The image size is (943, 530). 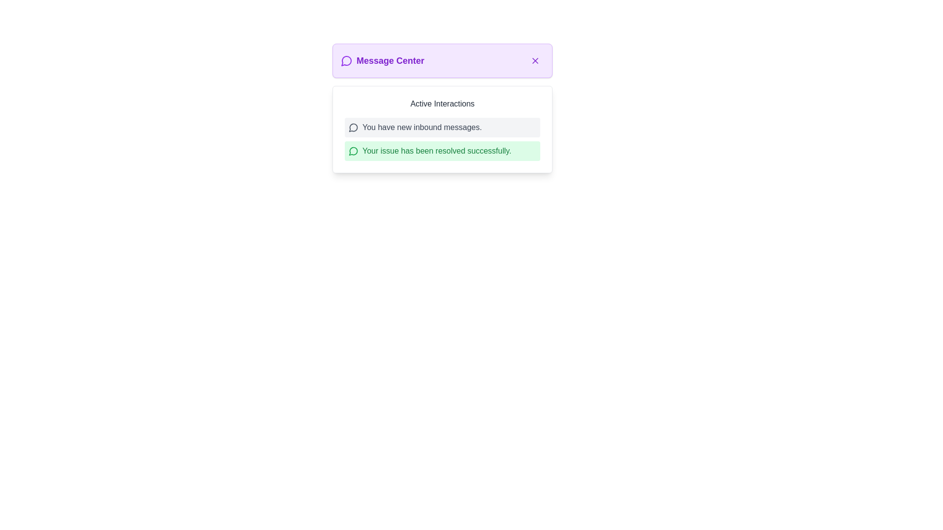 What do you see at coordinates (346, 61) in the screenshot?
I see `the decorative icon in the top-left corner of the 'Message Center' header bar, adjacent to the text 'Message Center'` at bounding box center [346, 61].